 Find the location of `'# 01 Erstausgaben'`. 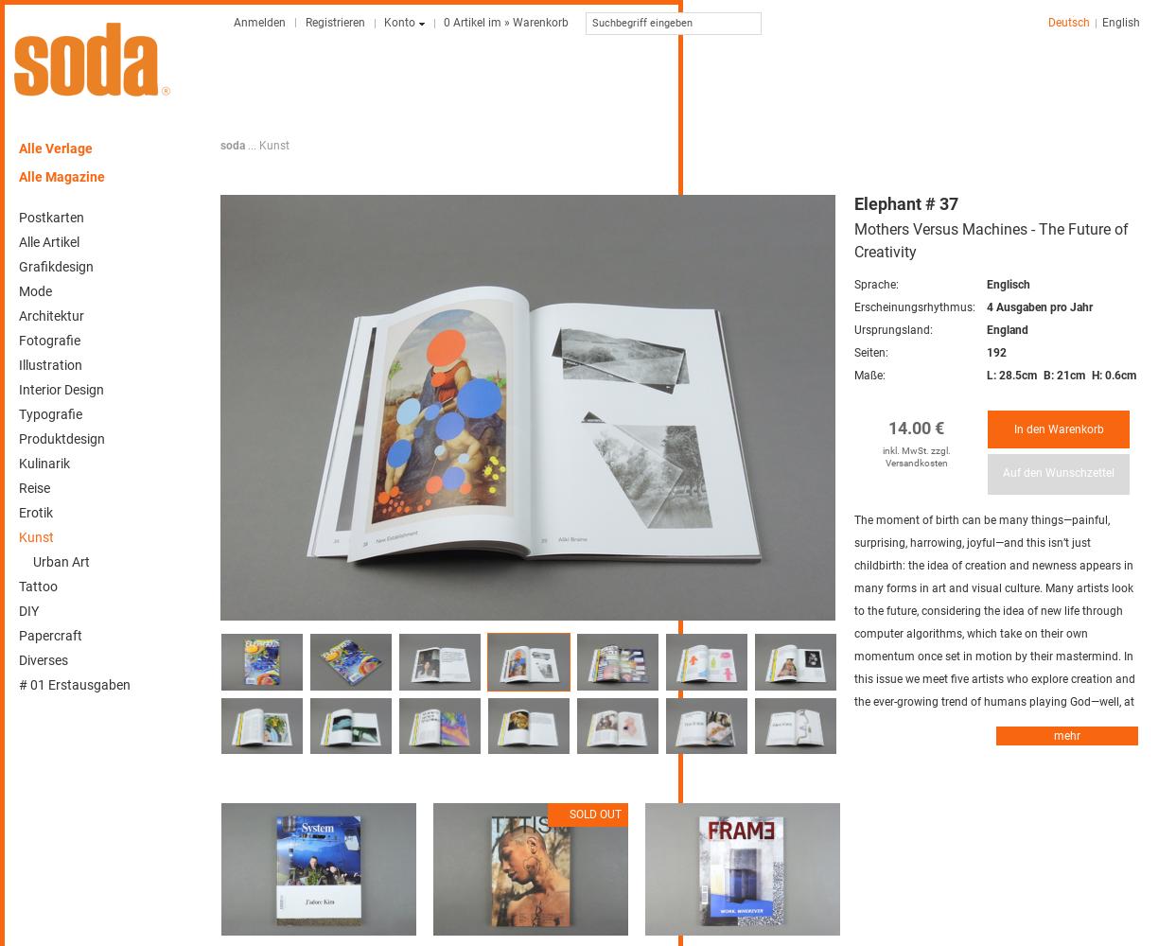

'# 01 Erstausgaben' is located at coordinates (75, 684).